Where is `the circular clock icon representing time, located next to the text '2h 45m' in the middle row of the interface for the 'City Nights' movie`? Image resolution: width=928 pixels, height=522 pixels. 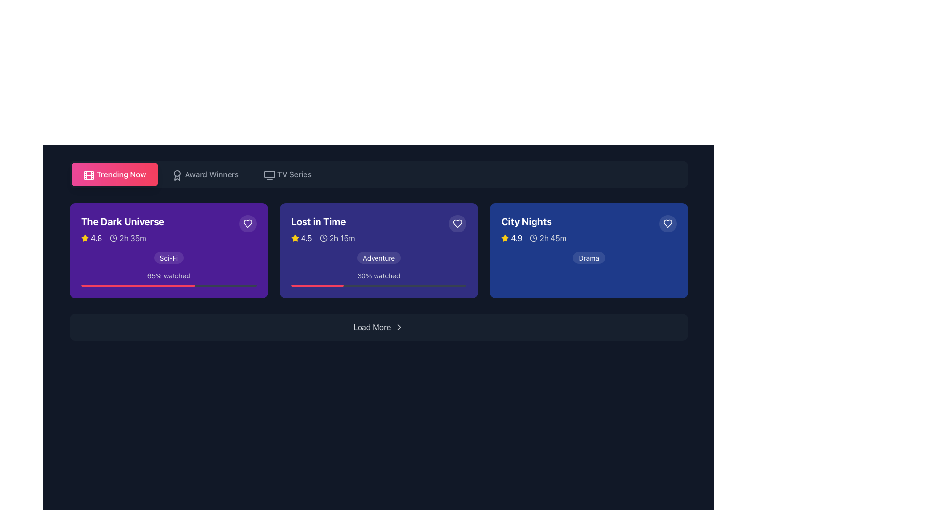 the circular clock icon representing time, located next to the text '2h 45m' in the middle row of the interface for the 'City Nights' movie is located at coordinates (533, 238).